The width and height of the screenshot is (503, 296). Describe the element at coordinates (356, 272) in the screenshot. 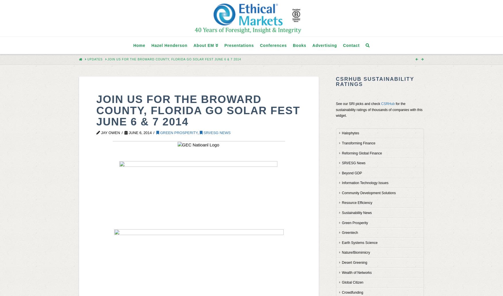

I see `'Wealth of Networks'` at that location.